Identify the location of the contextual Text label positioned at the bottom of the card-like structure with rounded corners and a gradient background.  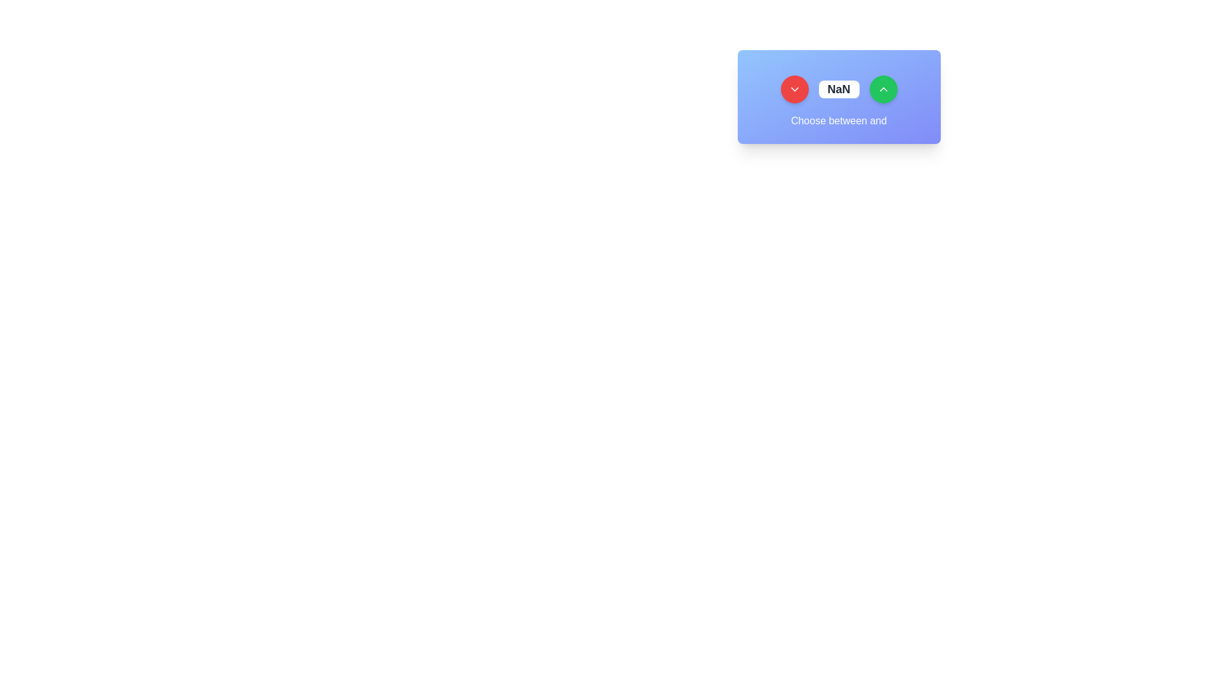
(839, 121).